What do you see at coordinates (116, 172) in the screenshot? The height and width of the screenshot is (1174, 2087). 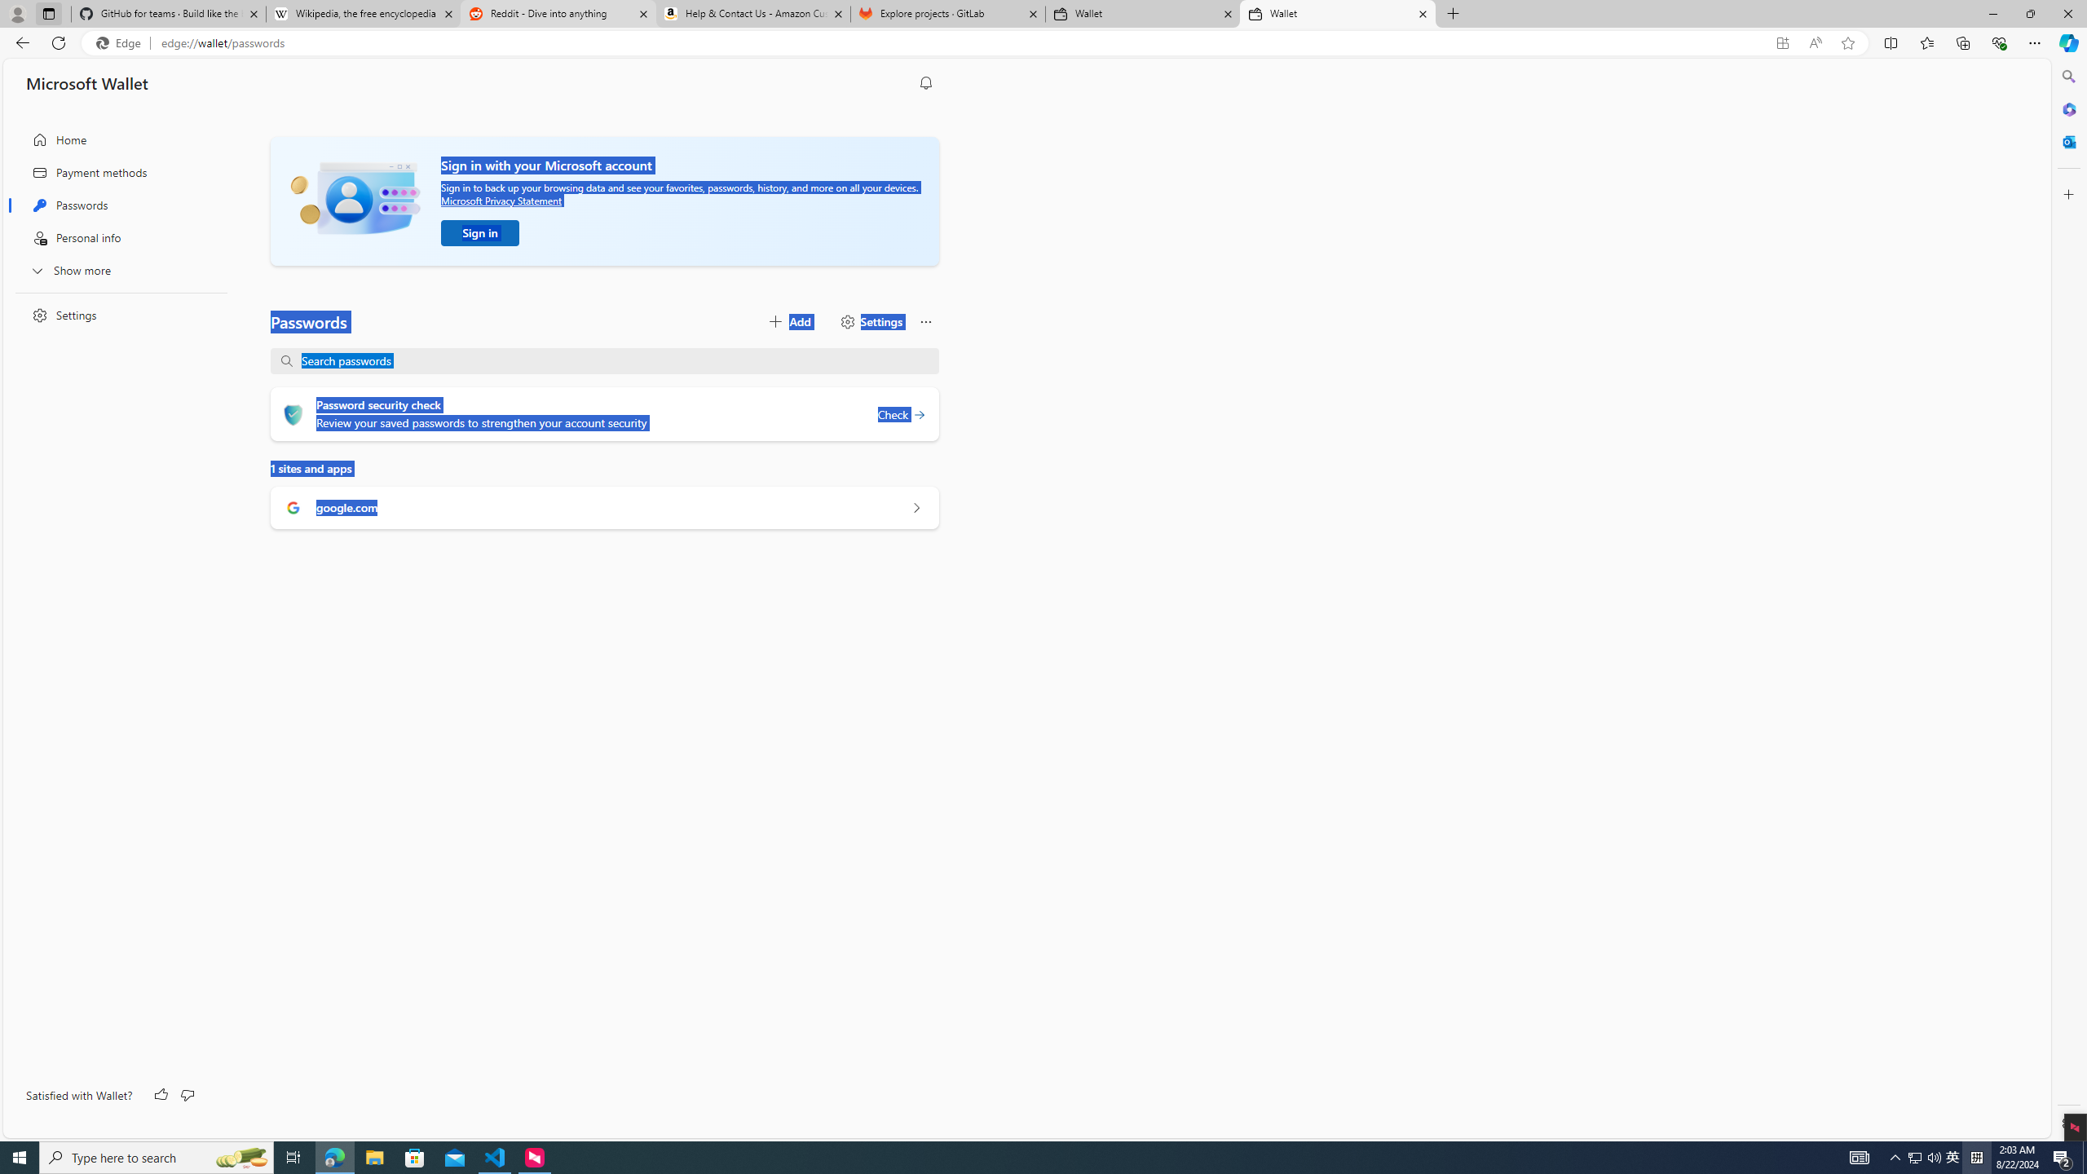 I see `'Payment methods'` at bounding box center [116, 172].